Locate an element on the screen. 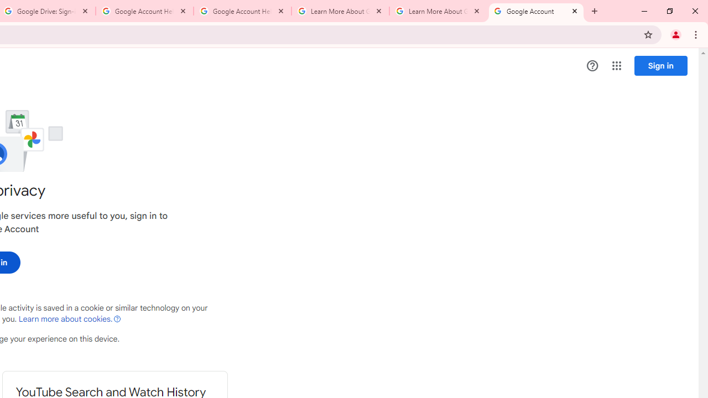  'Google Account Help' is located at coordinates (242, 11).